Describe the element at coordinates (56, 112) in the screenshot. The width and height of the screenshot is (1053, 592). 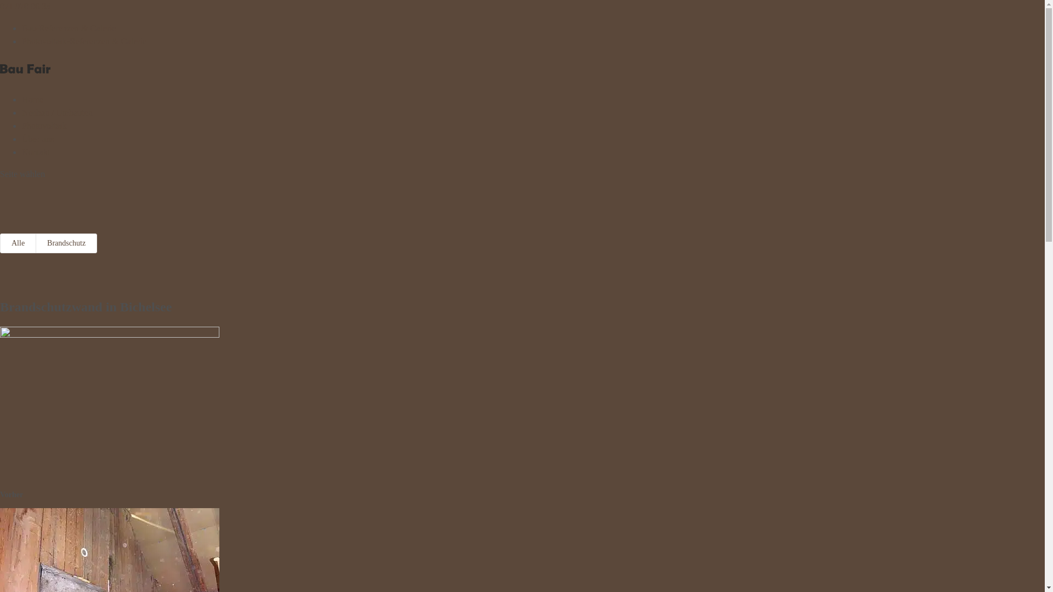
I see `'Neubau / Umbauten'` at that location.